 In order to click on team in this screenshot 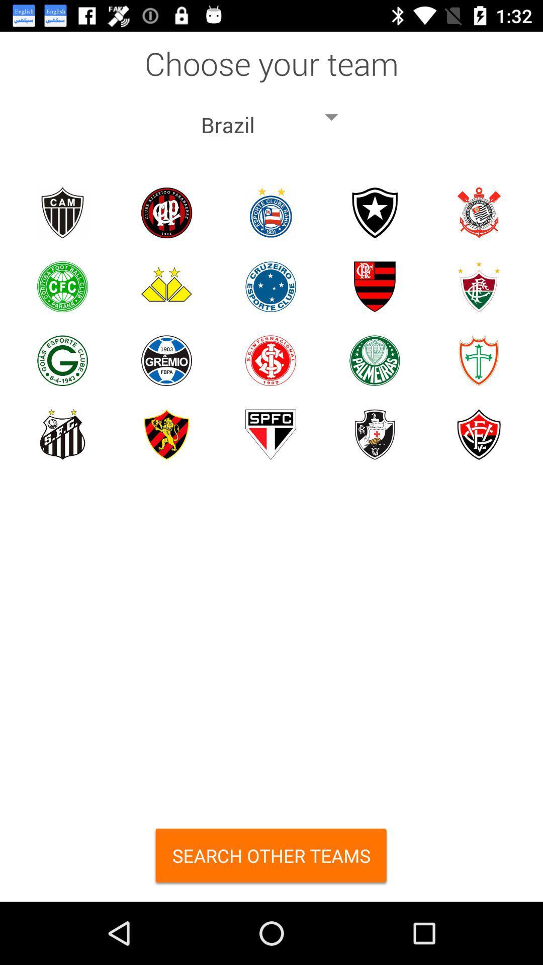, I will do `click(166, 286)`.